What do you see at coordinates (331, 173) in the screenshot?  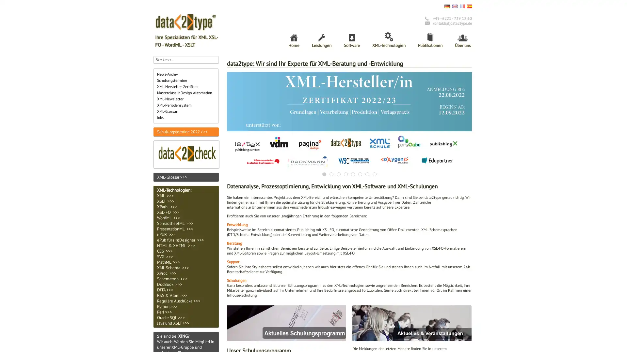 I see `Carousel Page 2` at bounding box center [331, 173].